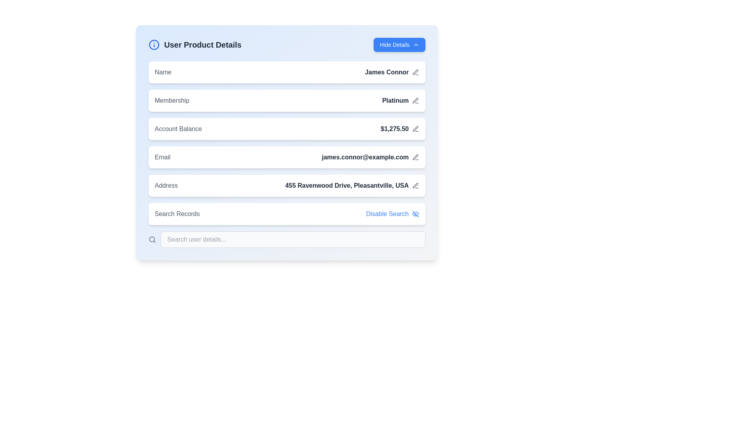 This screenshot has height=425, width=755. What do you see at coordinates (415, 128) in the screenshot?
I see `the pen icon located to the right of the 'Account Balance' field, adjacent to the value '$1,275.50', within the 'User Product Details' card` at bounding box center [415, 128].